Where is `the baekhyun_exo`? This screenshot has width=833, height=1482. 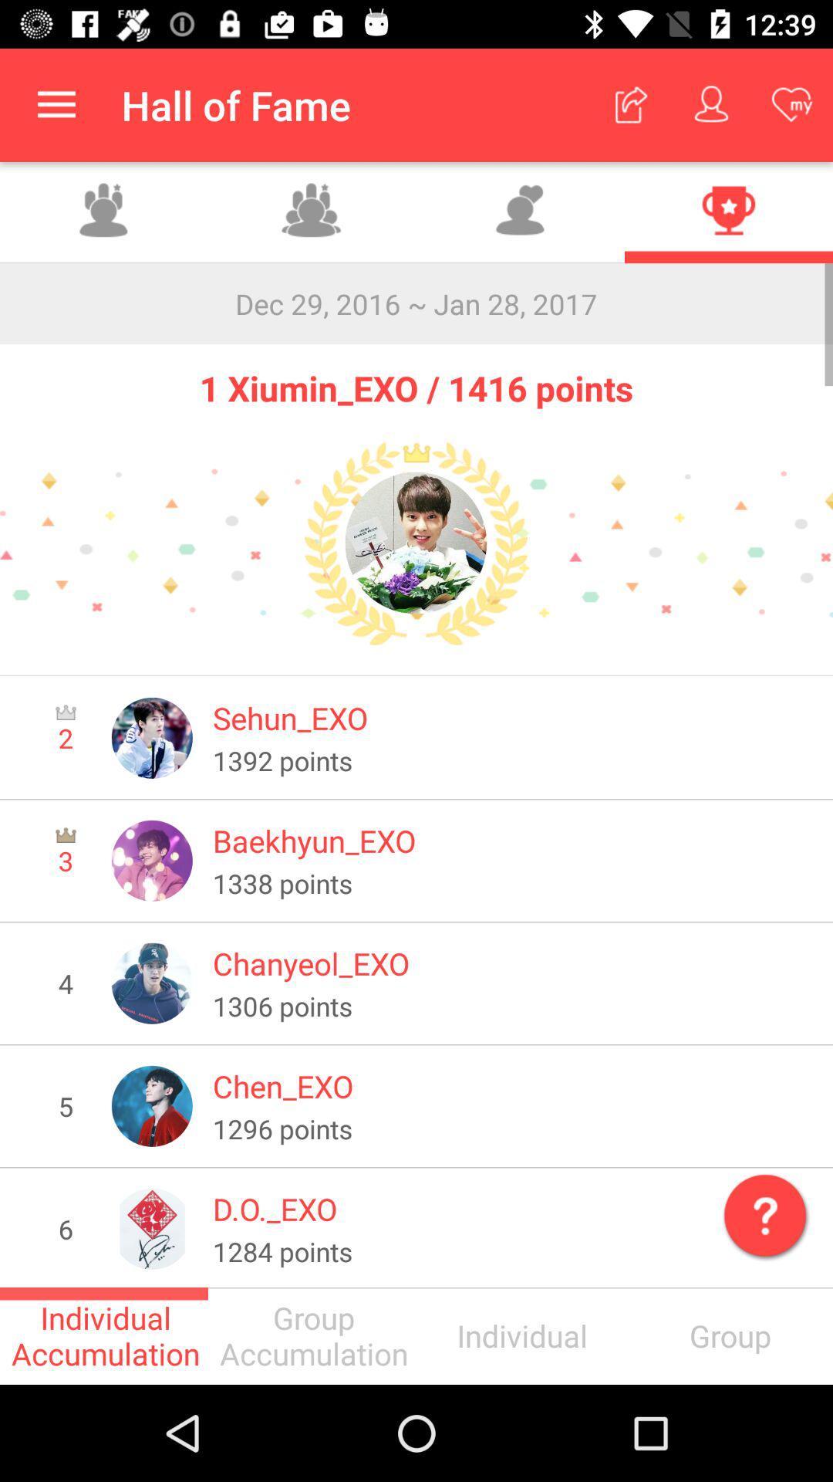
the baekhyun_exo is located at coordinates (512, 840).